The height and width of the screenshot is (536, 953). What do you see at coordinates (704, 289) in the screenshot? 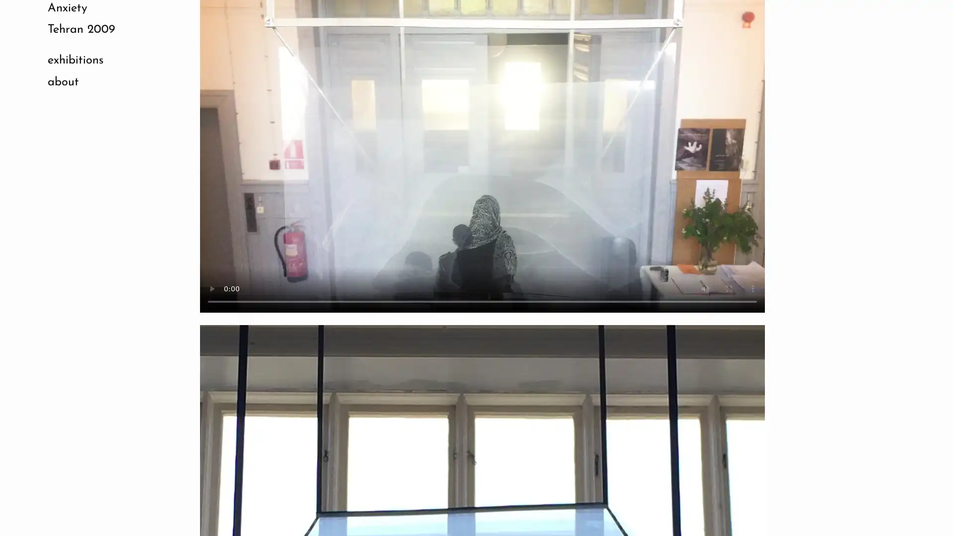
I see `mute` at bounding box center [704, 289].